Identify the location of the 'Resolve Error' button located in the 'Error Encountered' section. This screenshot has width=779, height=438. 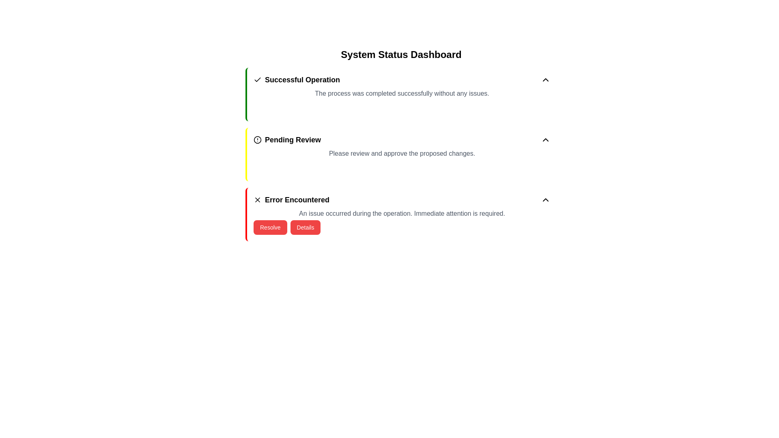
(270, 227).